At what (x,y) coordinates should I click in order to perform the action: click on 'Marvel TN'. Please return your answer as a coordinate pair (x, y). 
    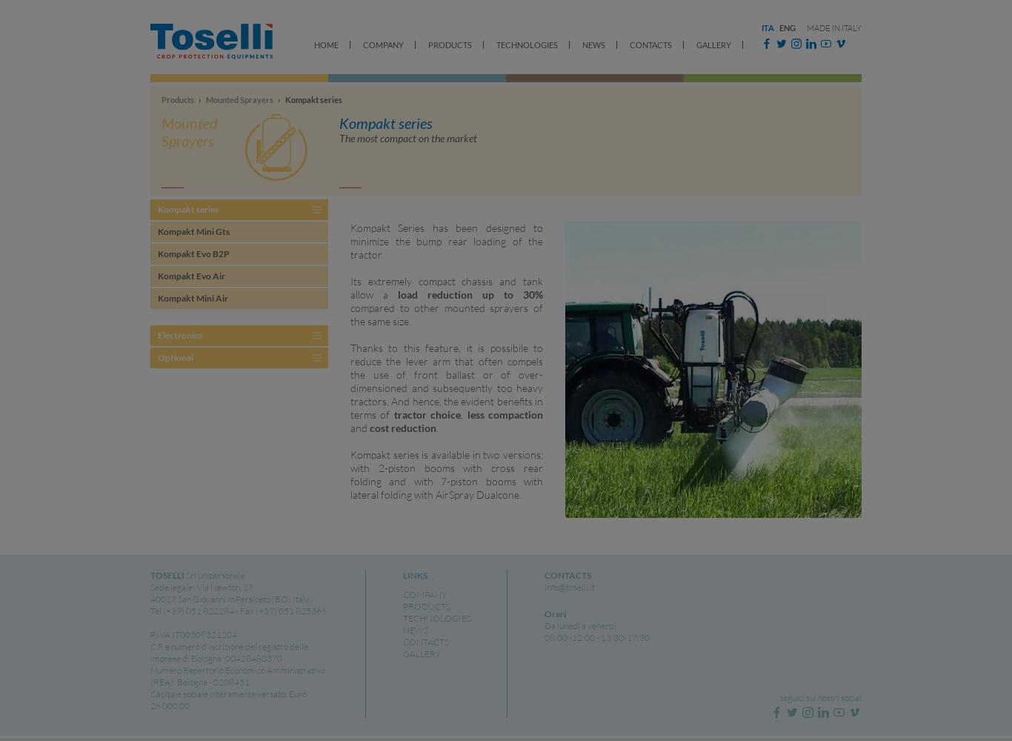
    Looking at the image, I should click on (367, 203).